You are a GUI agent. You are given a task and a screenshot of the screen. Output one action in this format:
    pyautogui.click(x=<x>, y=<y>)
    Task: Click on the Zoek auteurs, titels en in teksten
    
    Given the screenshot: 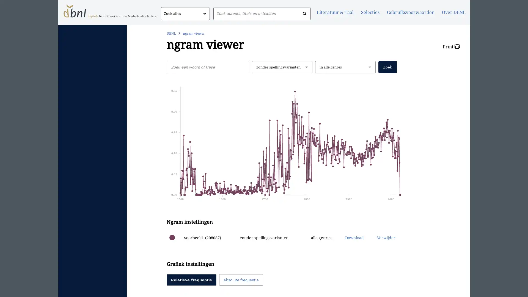 What is the action you would take?
    pyautogui.click(x=304, y=13)
    